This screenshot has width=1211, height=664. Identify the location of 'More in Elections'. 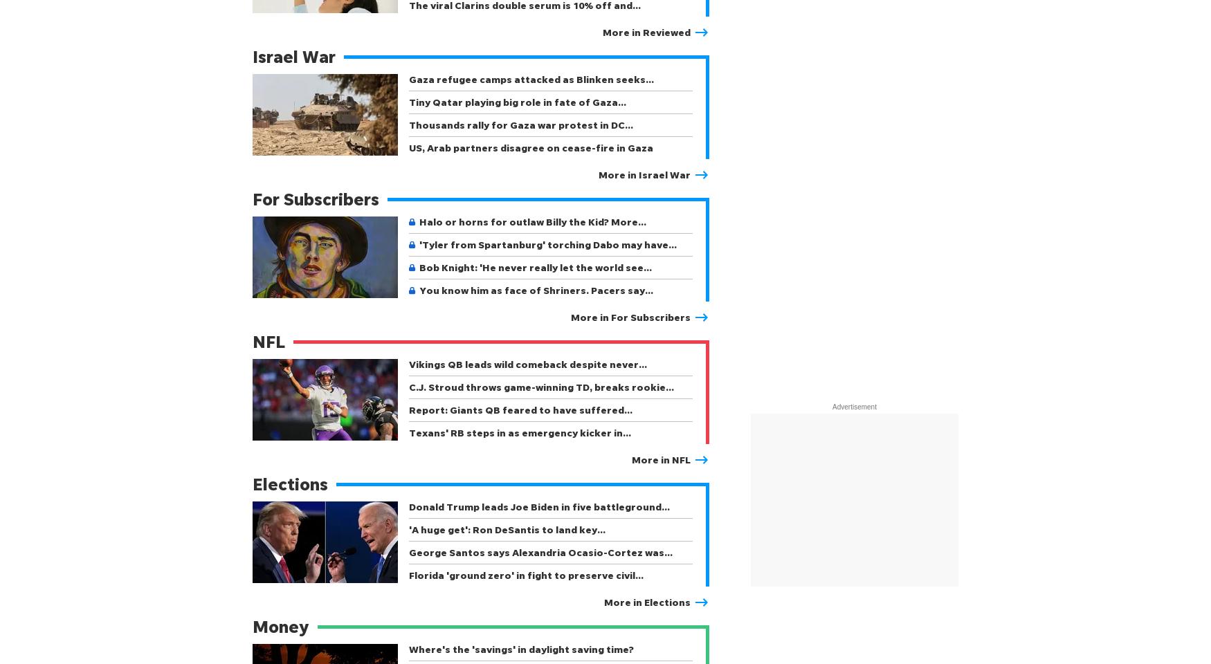
(646, 601).